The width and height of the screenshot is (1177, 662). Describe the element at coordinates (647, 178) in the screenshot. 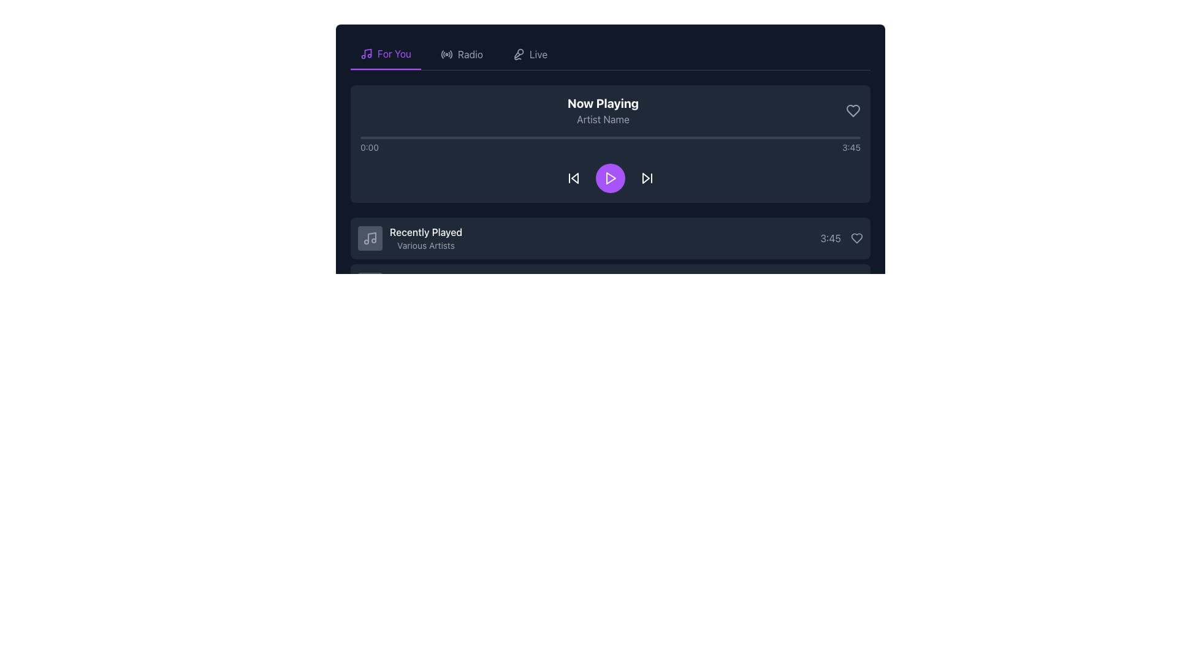

I see `the skip button located to the right of the play button and the skip-backward button to activate the hover effect` at that location.